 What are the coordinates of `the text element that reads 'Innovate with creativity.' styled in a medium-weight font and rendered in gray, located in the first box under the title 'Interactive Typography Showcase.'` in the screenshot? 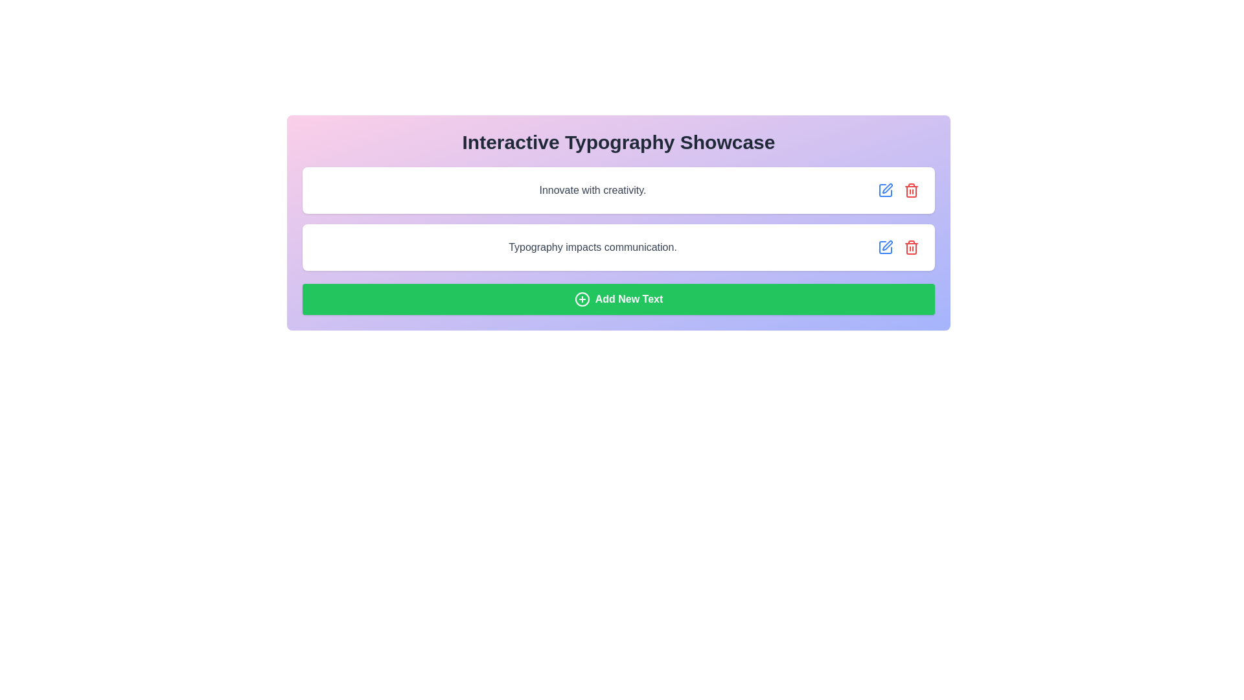 It's located at (592, 190).